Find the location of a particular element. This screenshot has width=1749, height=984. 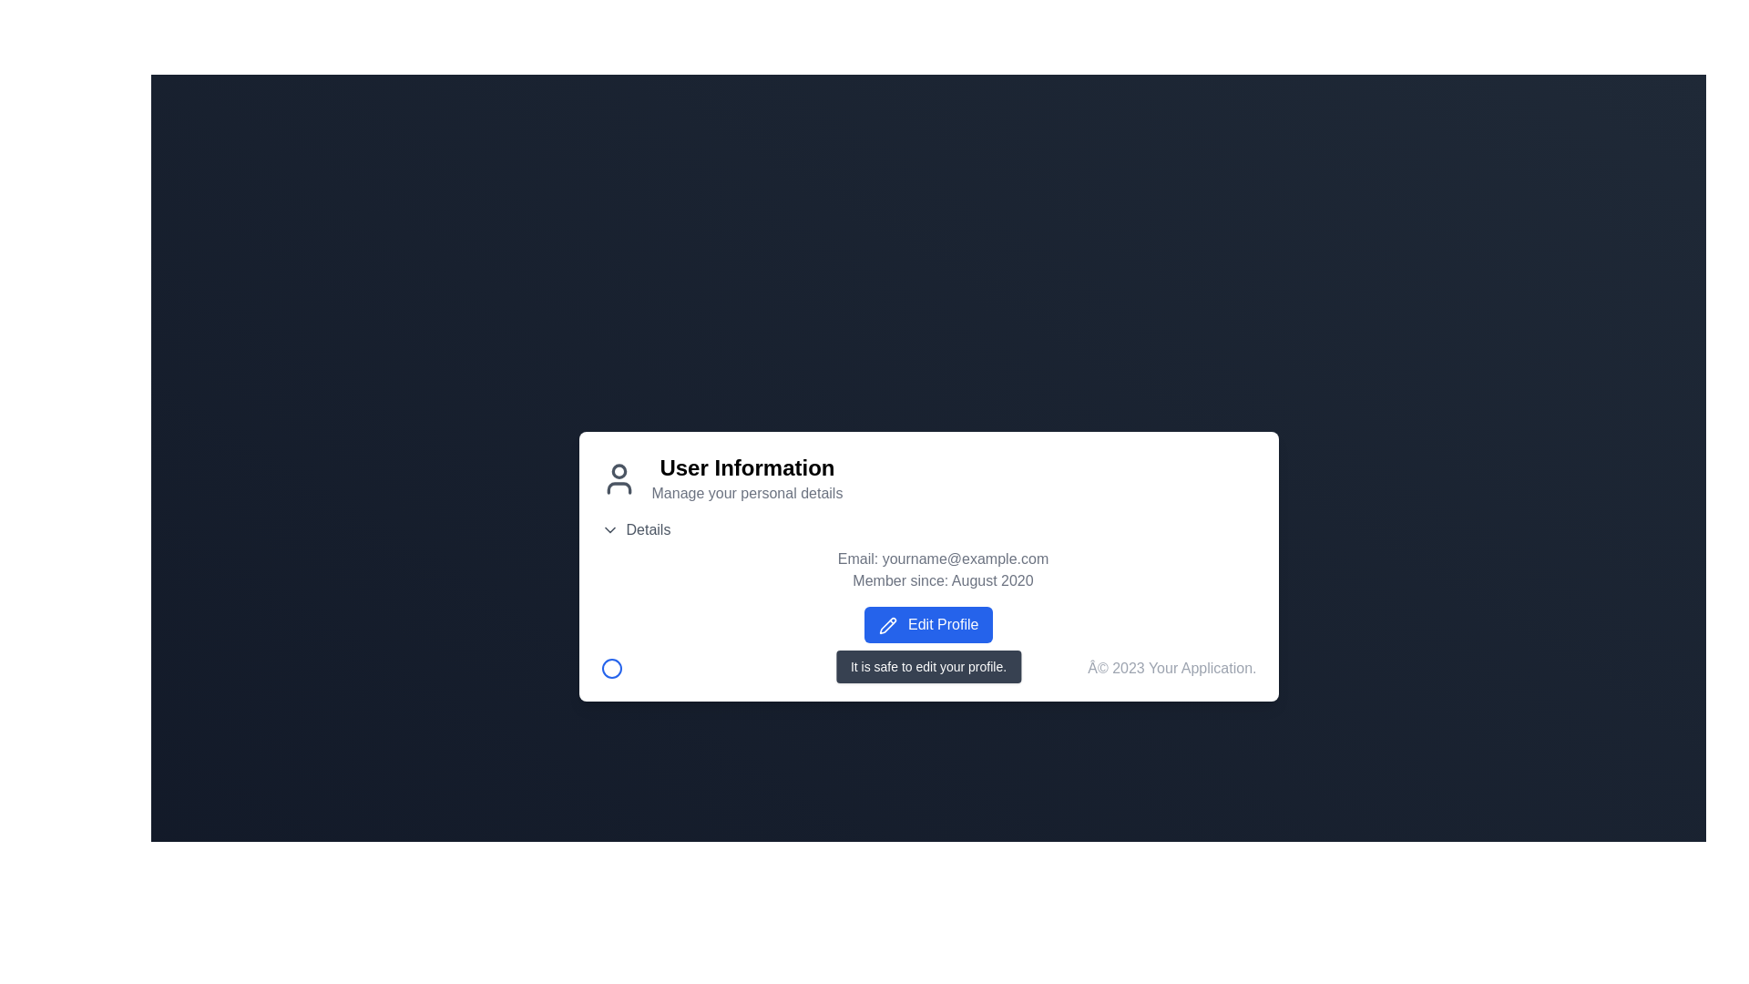

the static text display that shows user information, including email address and membership date, located below the 'Details' header and above the 'Edit Profile' button is located at coordinates (928, 554).